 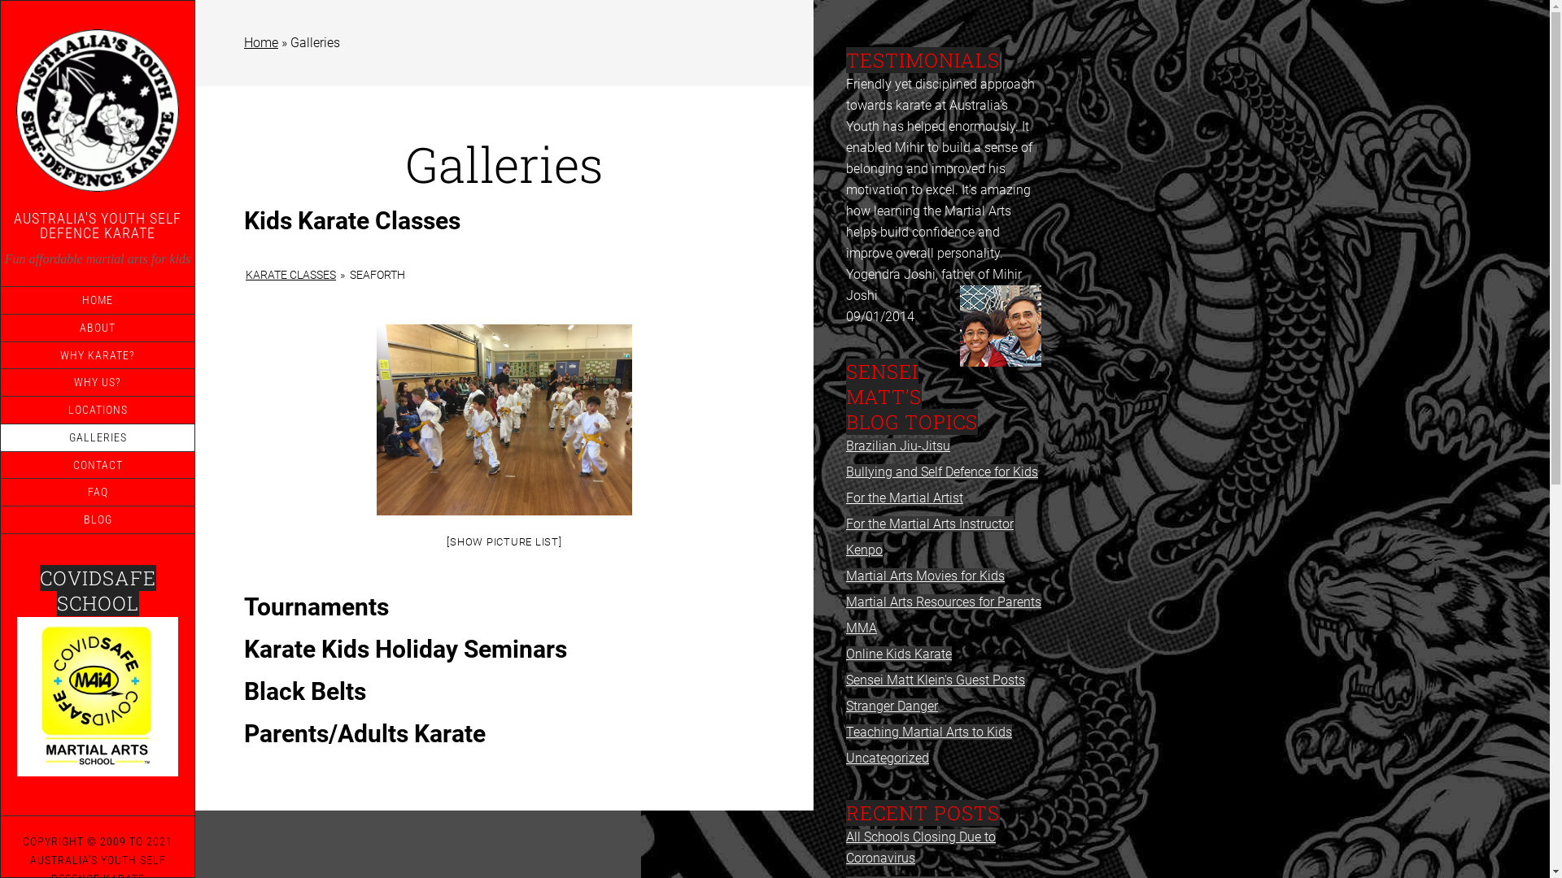 I want to click on 'MMA', so click(x=861, y=627).